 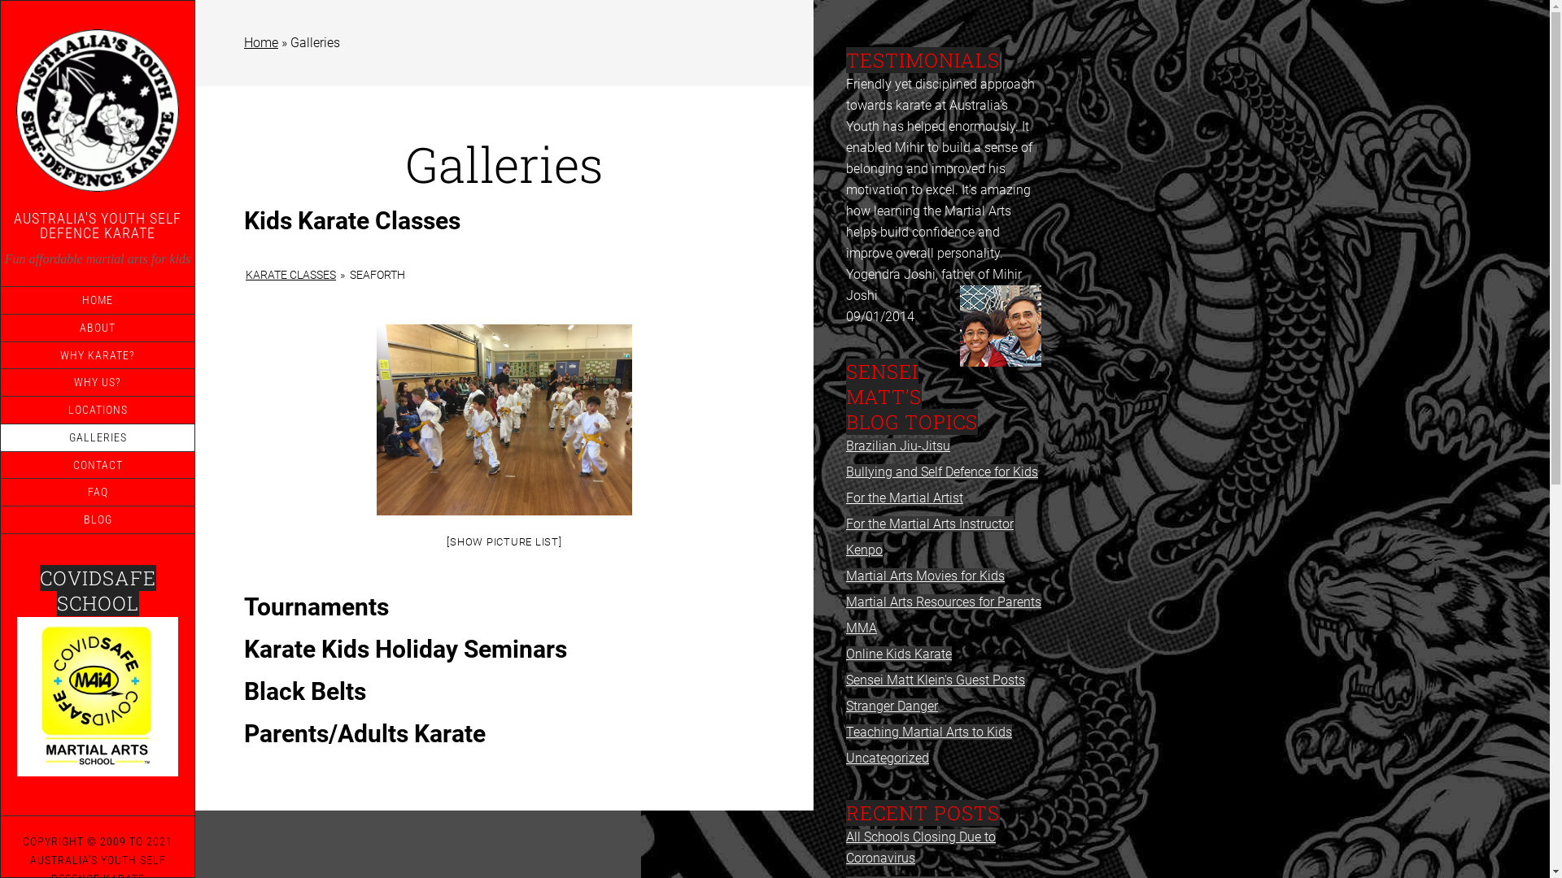 I want to click on 'MMA', so click(x=861, y=627).